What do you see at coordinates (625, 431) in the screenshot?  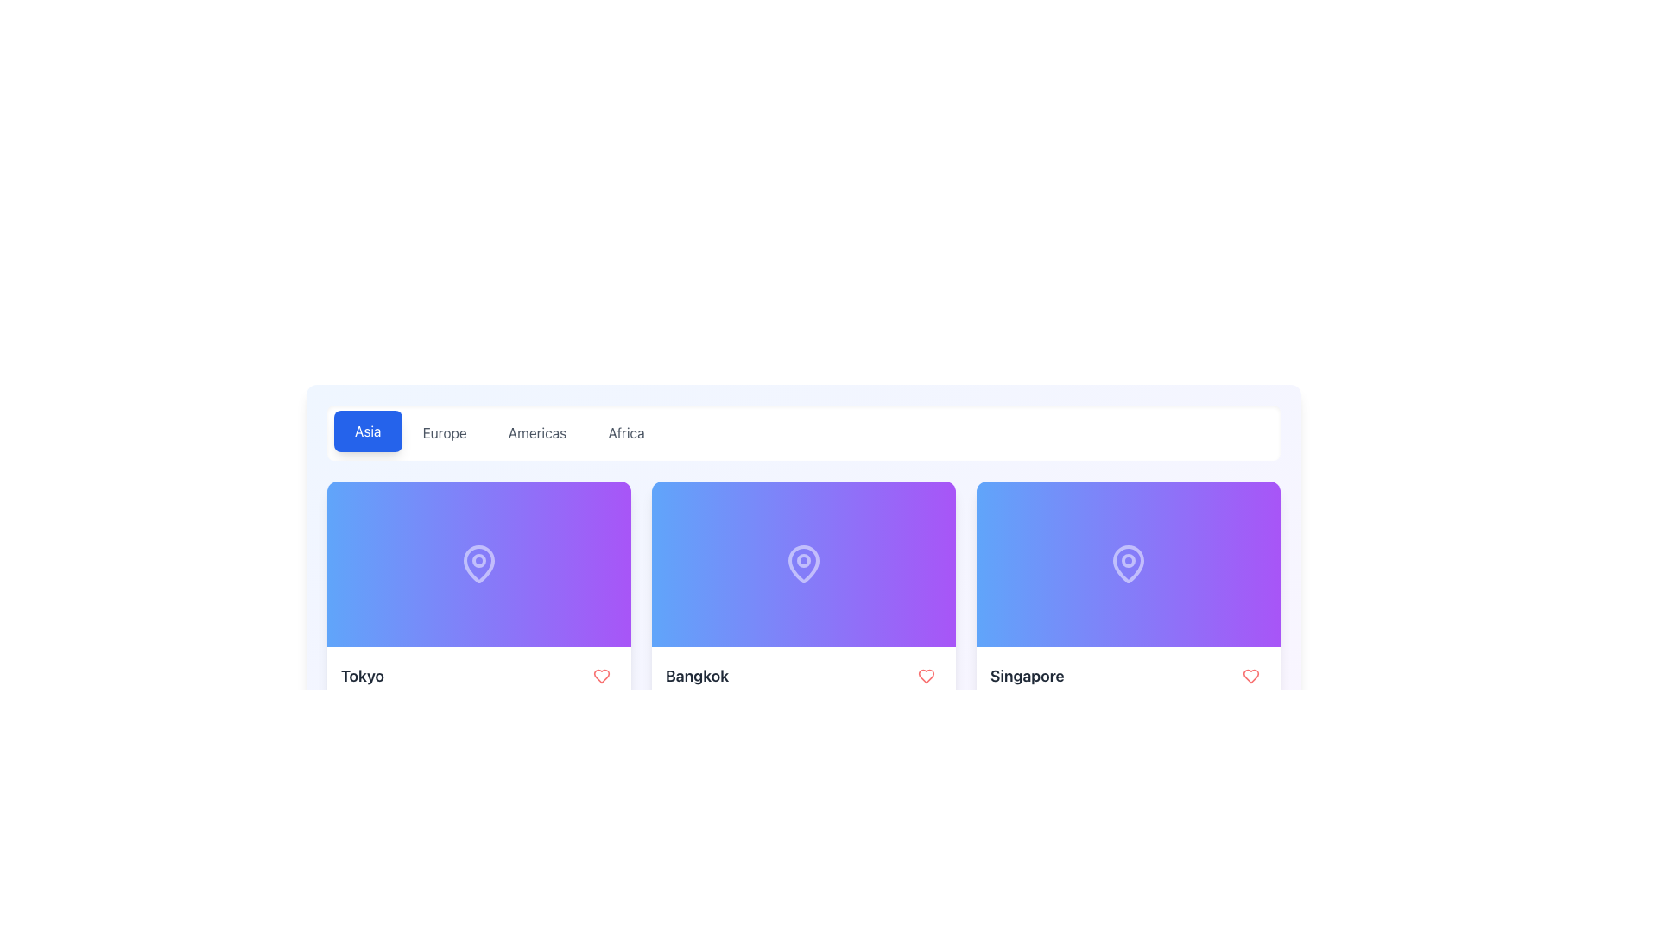 I see `the button labeled 'Africa' in the horizontal menu to change its background color` at bounding box center [625, 431].